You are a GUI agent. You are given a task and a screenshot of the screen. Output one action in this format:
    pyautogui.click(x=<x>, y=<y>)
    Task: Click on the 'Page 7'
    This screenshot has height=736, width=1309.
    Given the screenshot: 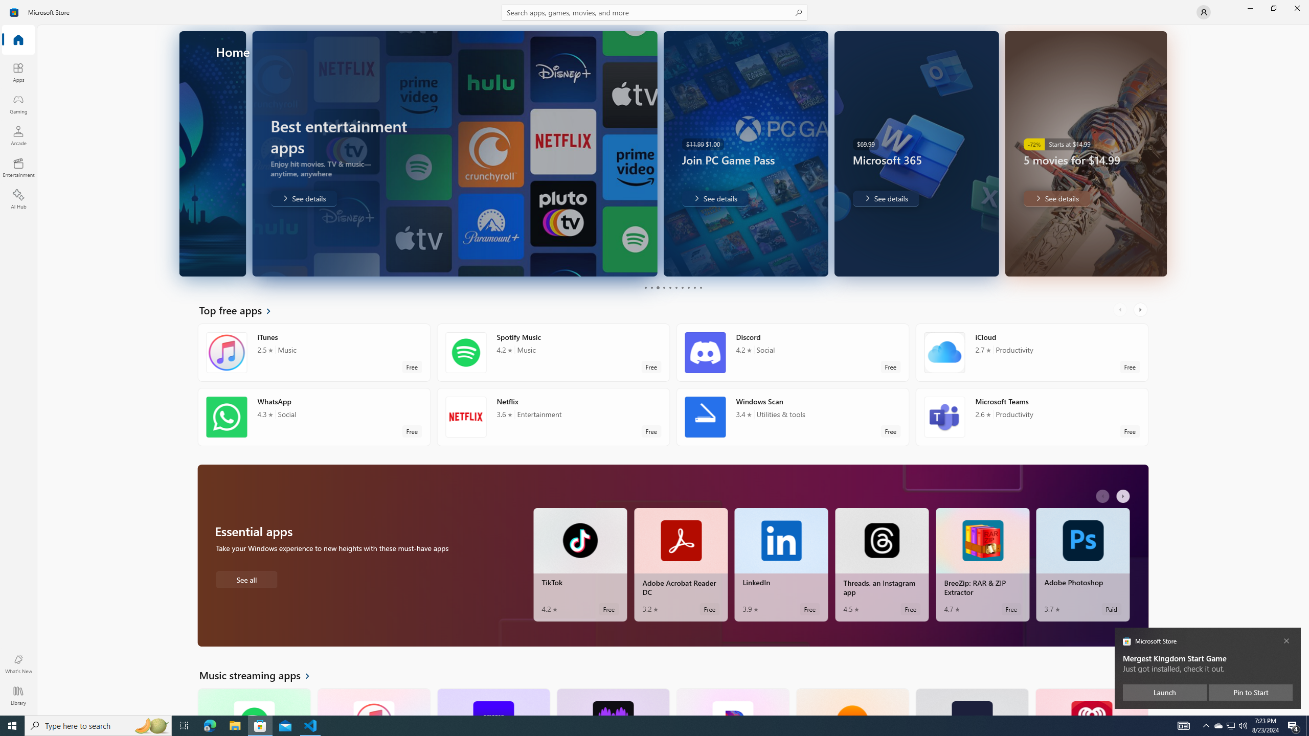 What is the action you would take?
    pyautogui.click(x=681, y=287)
    